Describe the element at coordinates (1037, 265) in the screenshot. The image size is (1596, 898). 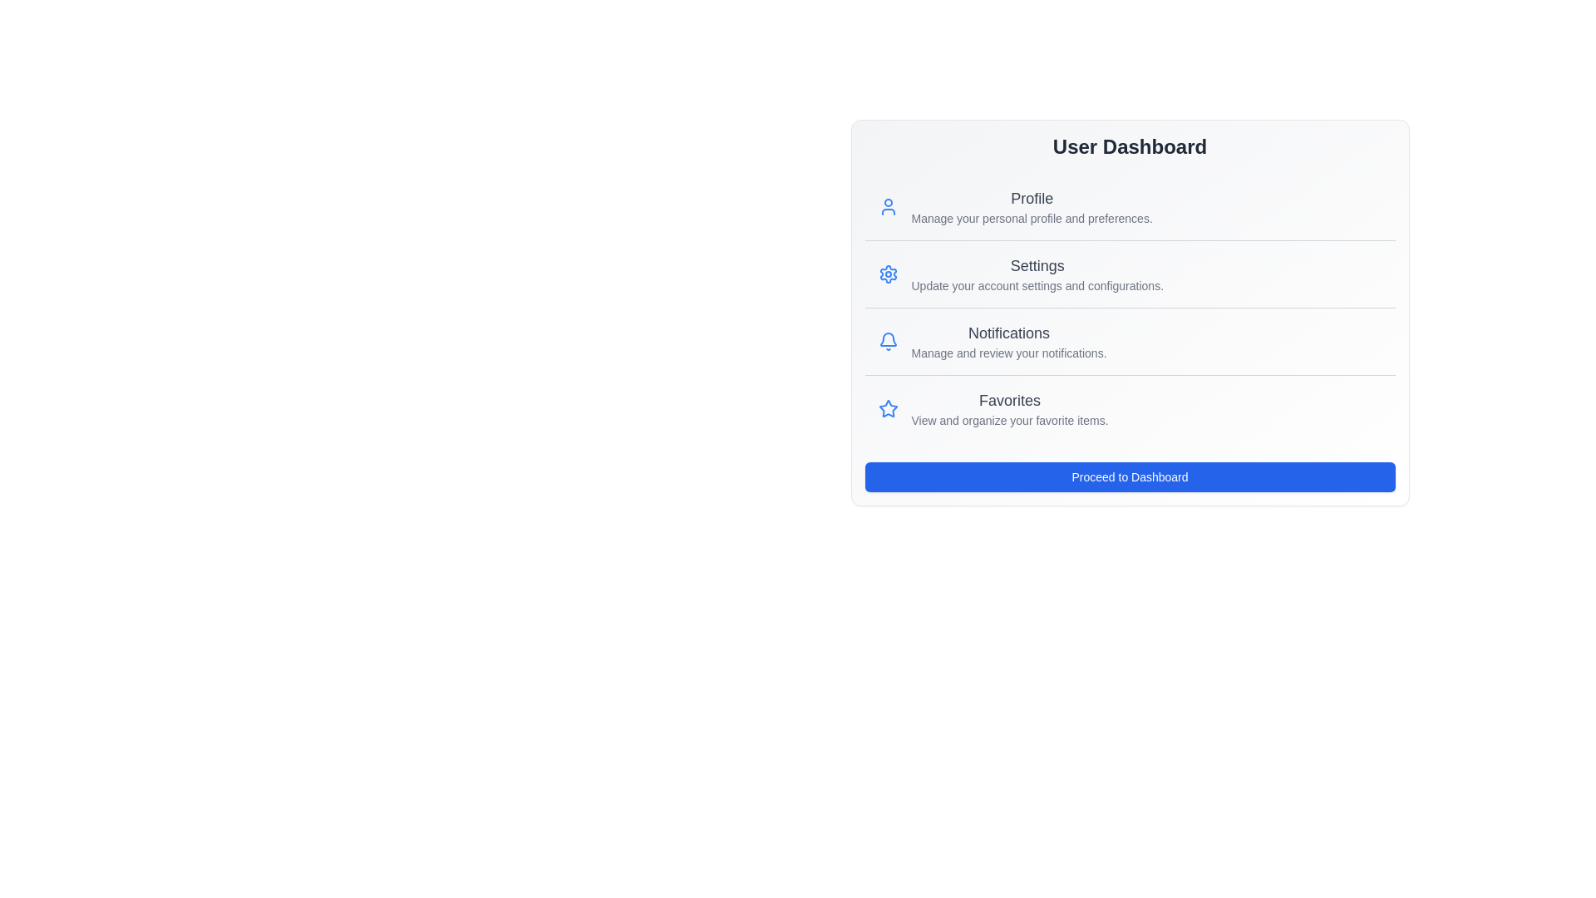
I see `the 'Settings' text label, which is displayed in bold, medium gray font within the 'Settings' section of the user dashboard interface` at that location.